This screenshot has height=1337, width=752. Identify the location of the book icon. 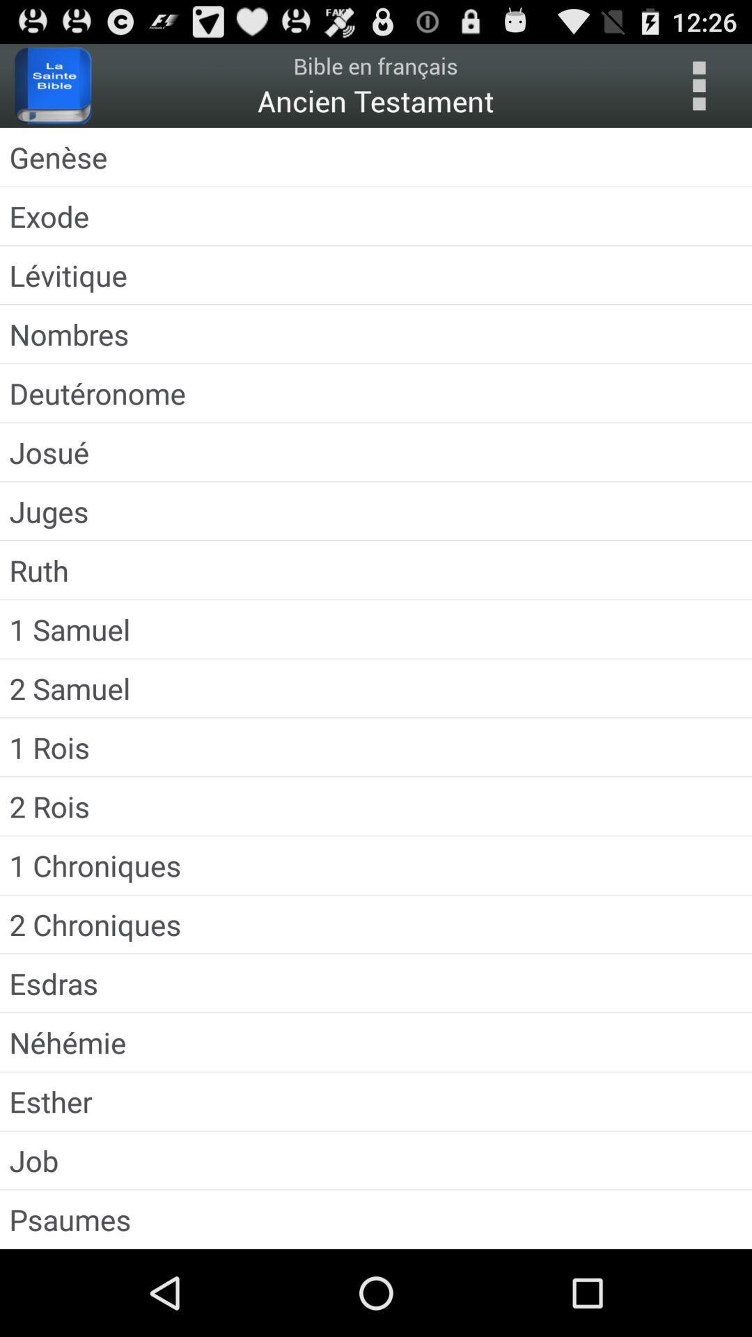
(52, 91).